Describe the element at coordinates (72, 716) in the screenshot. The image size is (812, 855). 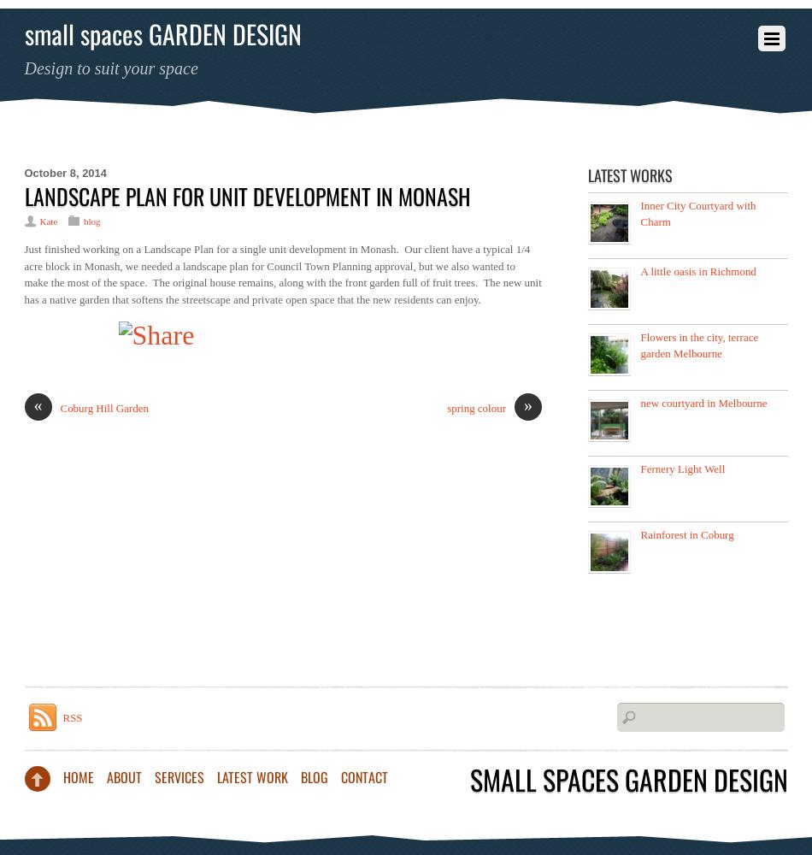
I see `'RSS'` at that location.